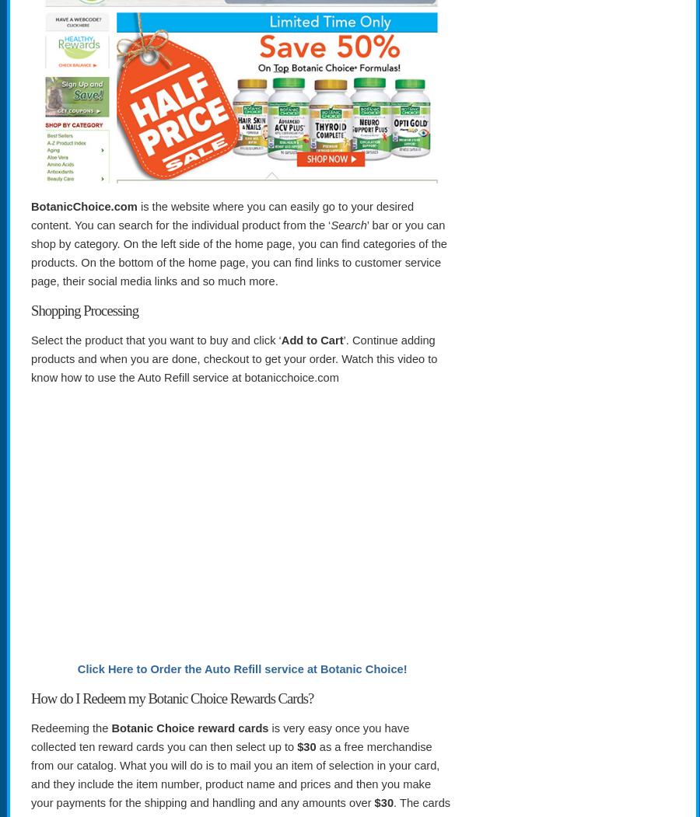 The height and width of the screenshot is (817, 700). I want to click on 'Add to Cart', so click(312, 340).